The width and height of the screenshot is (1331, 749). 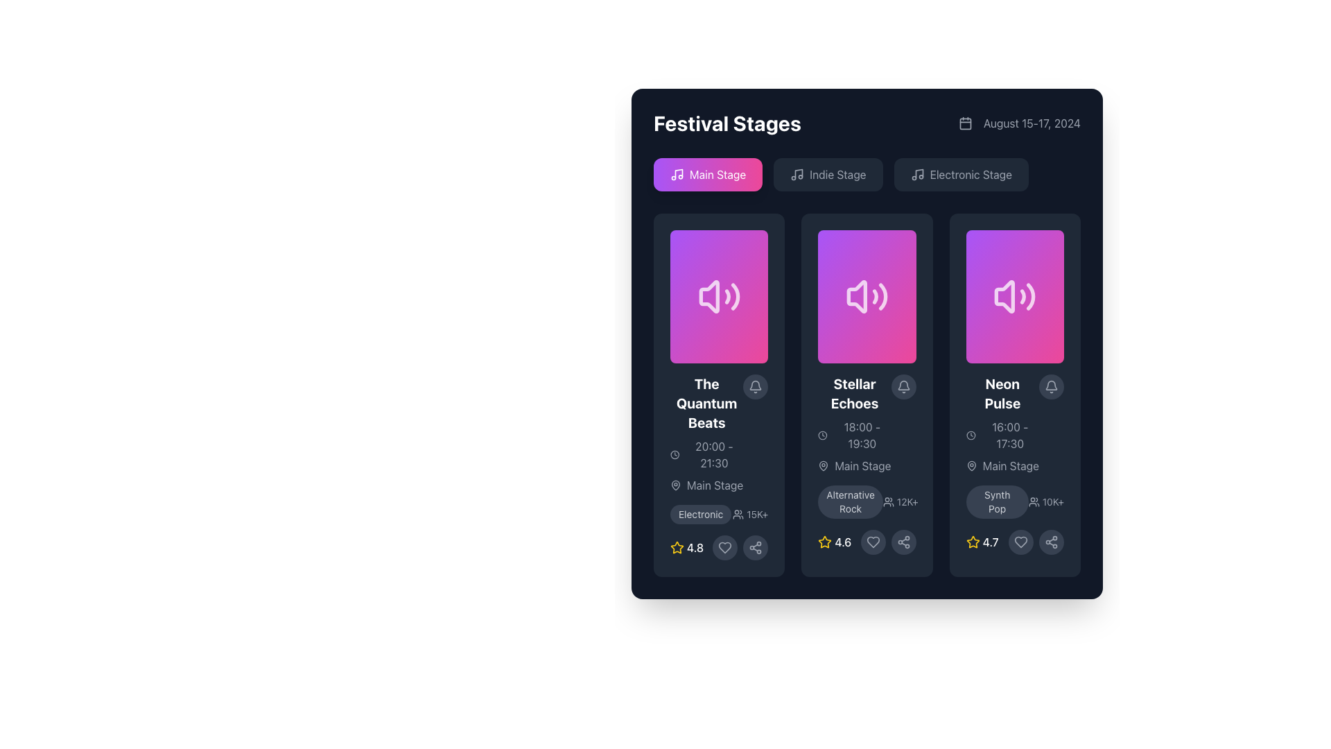 What do you see at coordinates (1051, 385) in the screenshot?
I see `the notification bell icon located at the upper-right corner of the 'Neon Pulse' card` at bounding box center [1051, 385].